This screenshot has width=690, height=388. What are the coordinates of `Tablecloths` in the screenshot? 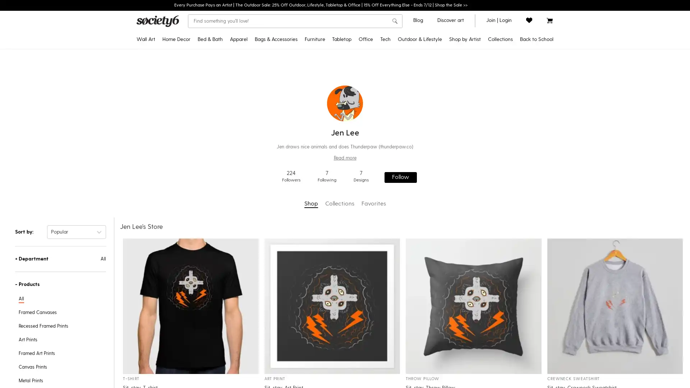 It's located at (355, 80).